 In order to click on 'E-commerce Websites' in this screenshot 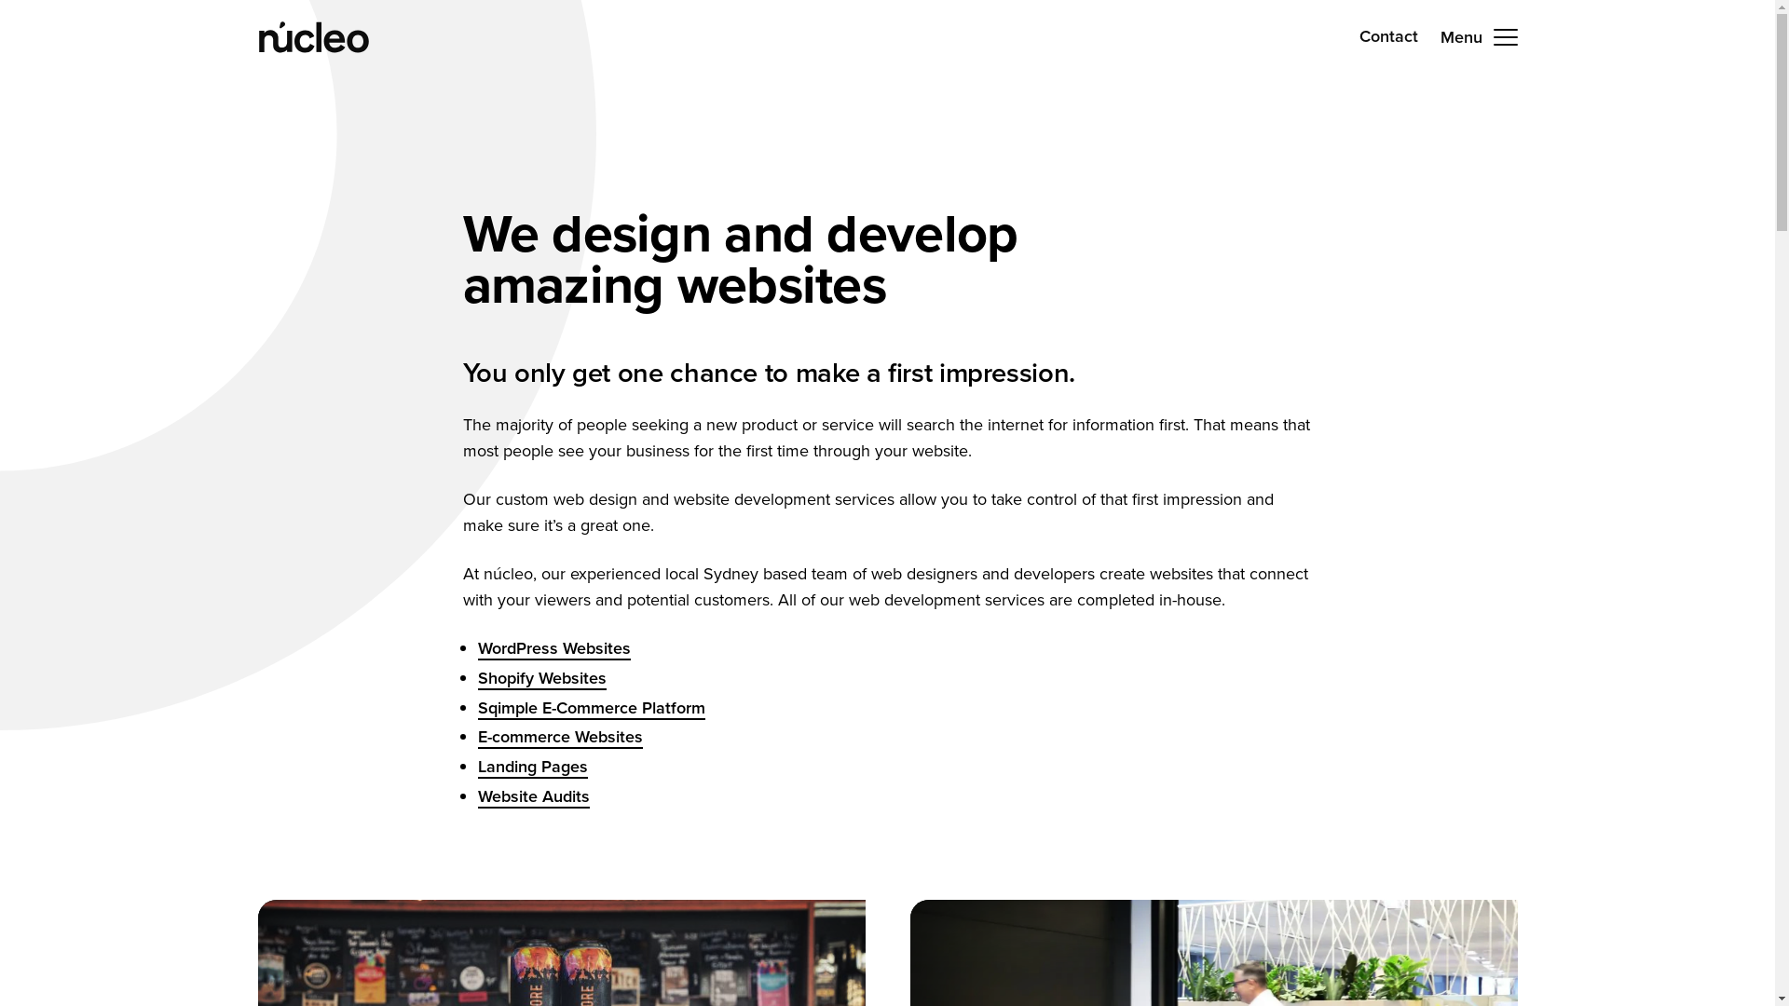, I will do `click(558, 735)`.